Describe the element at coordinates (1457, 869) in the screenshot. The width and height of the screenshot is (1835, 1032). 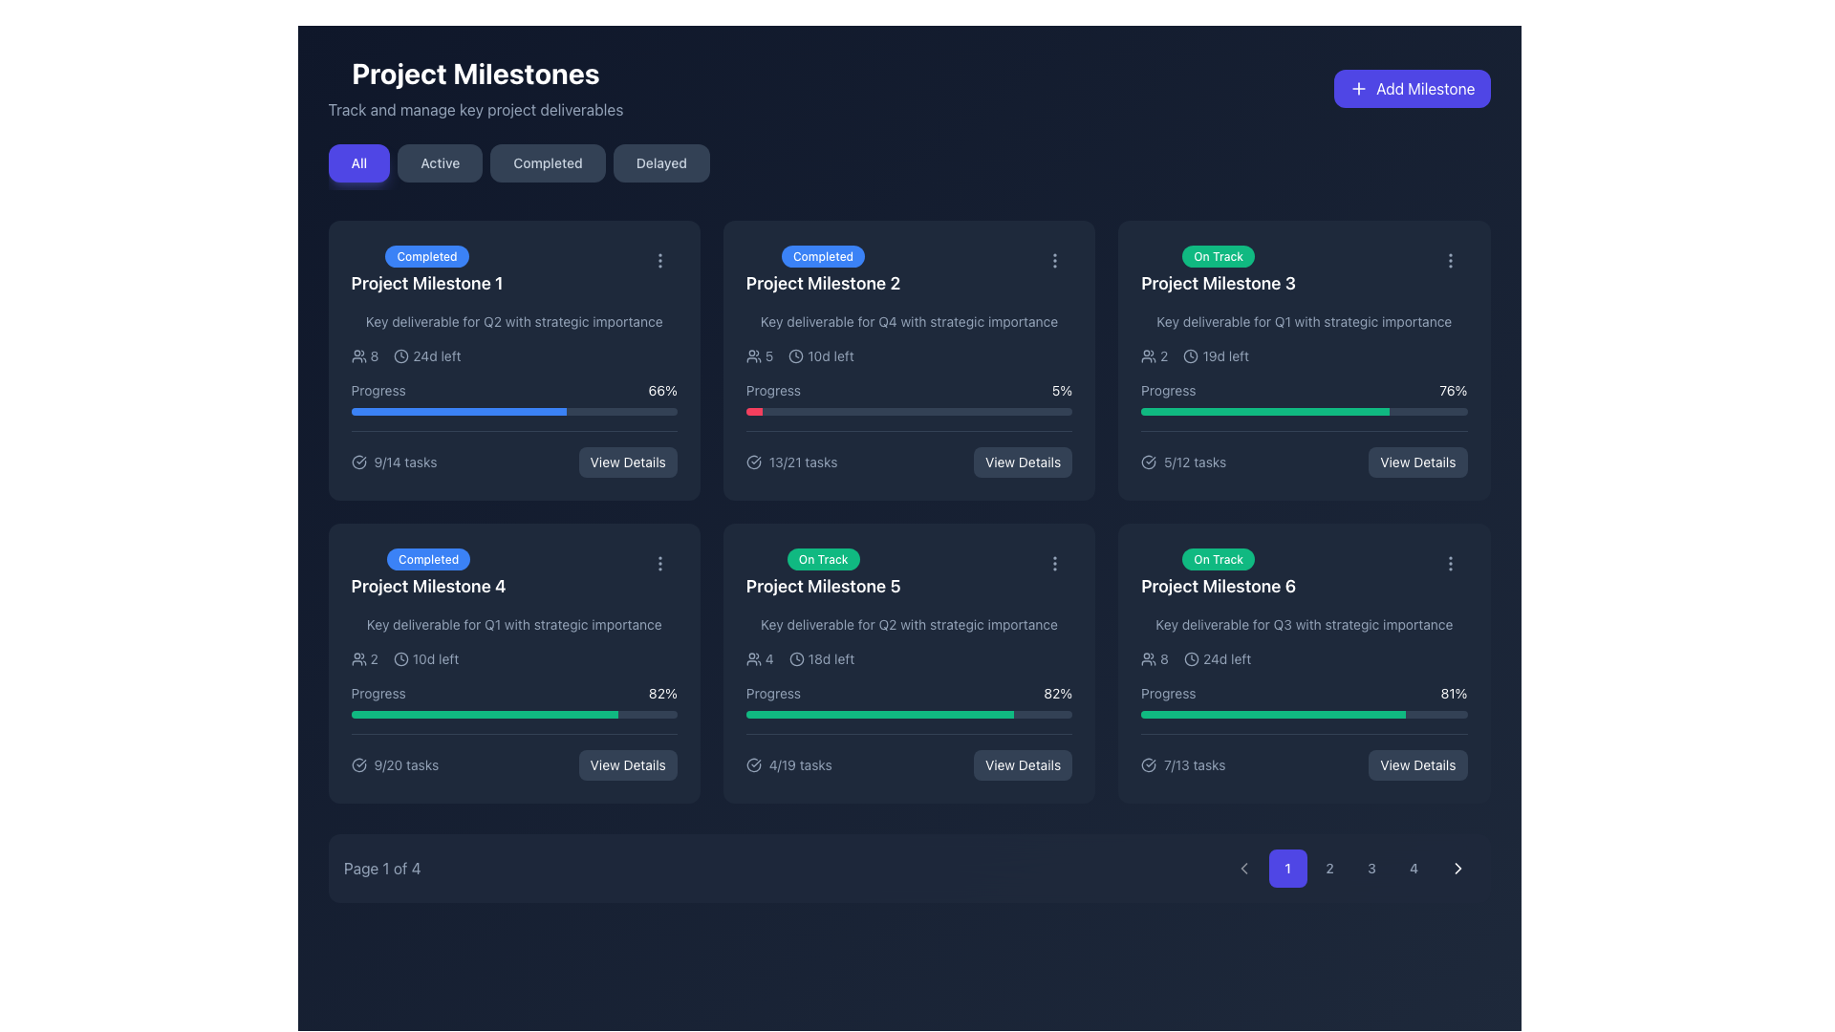
I see `the Navigation icon (Chevron) located at the far right of the pagination section` at that location.